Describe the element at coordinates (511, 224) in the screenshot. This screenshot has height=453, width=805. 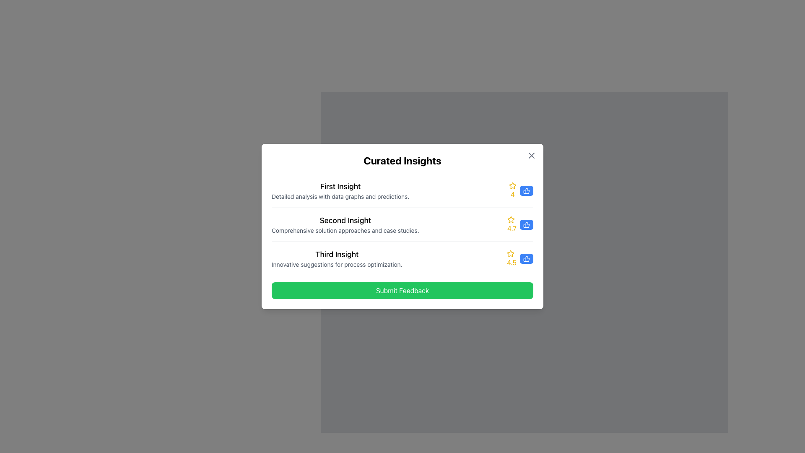
I see `numerical value '4.7' displayed in yellow color in the second insight section, located to the left of the thumbs-up icon and below the star symbol indicating the rating` at that location.